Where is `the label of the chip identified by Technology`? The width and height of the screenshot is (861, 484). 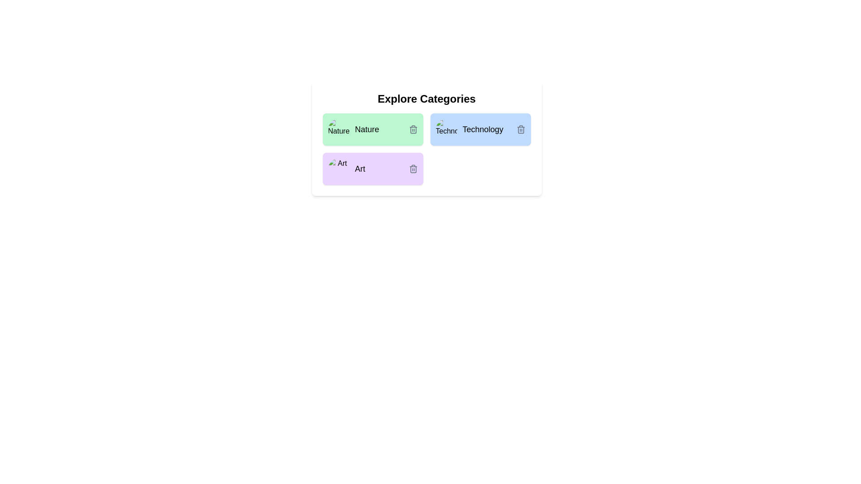
the label of the chip identified by Technology is located at coordinates (483, 130).